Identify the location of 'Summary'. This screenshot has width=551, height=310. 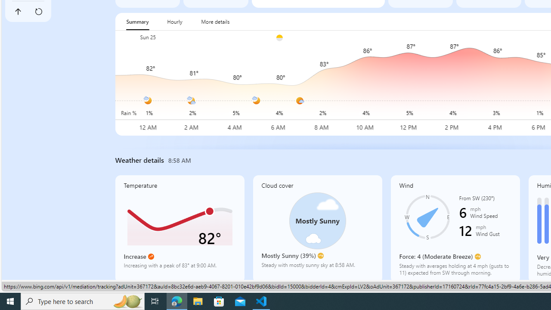
(137, 21).